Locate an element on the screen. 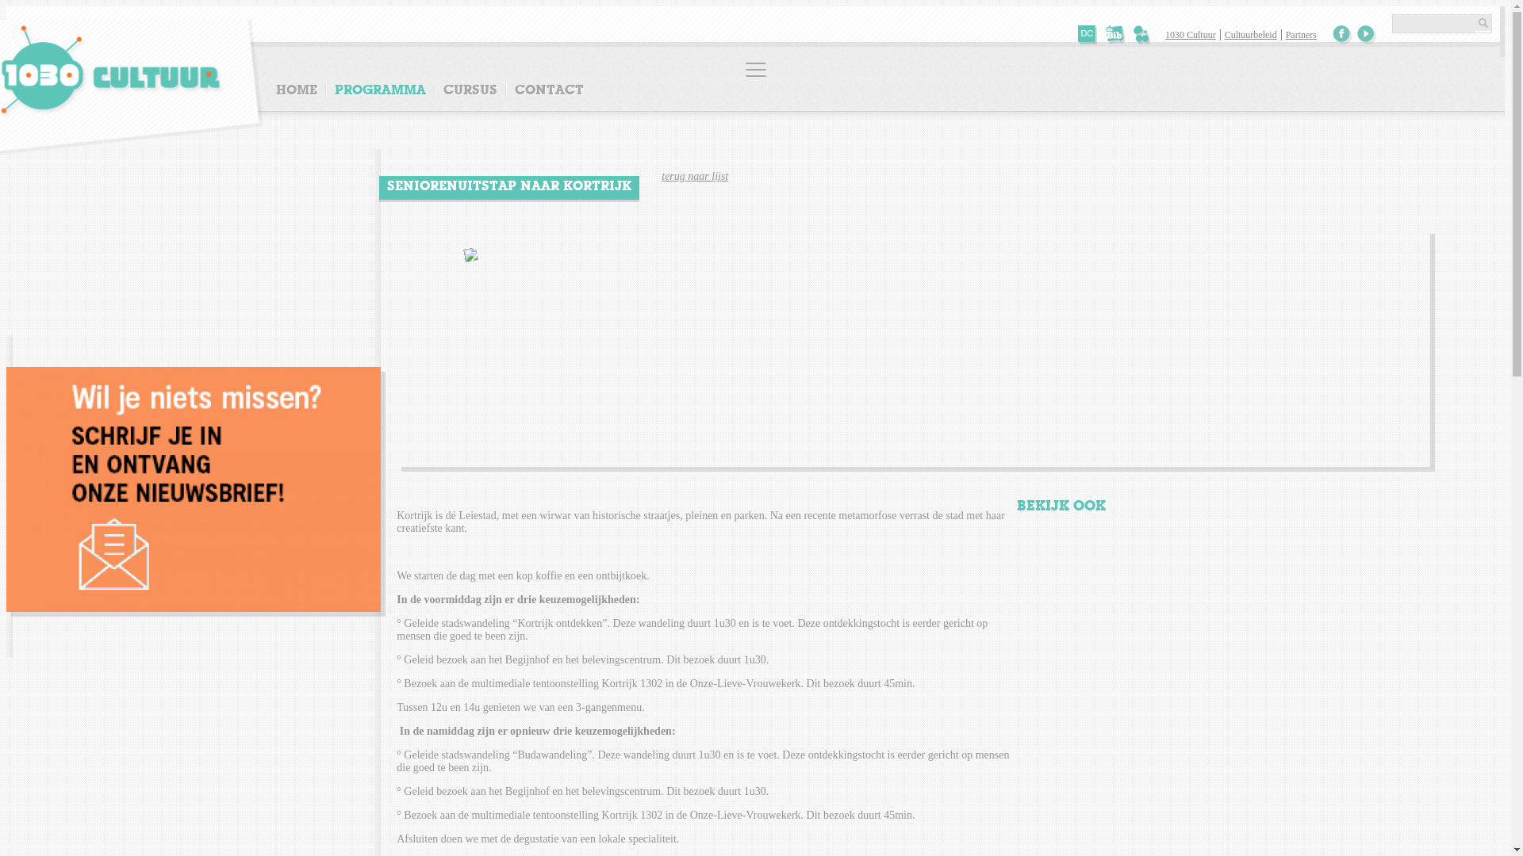 The width and height of the screenshot is (1523, 856). '1030 Cultuur' is located at coordinates (1192, 34).